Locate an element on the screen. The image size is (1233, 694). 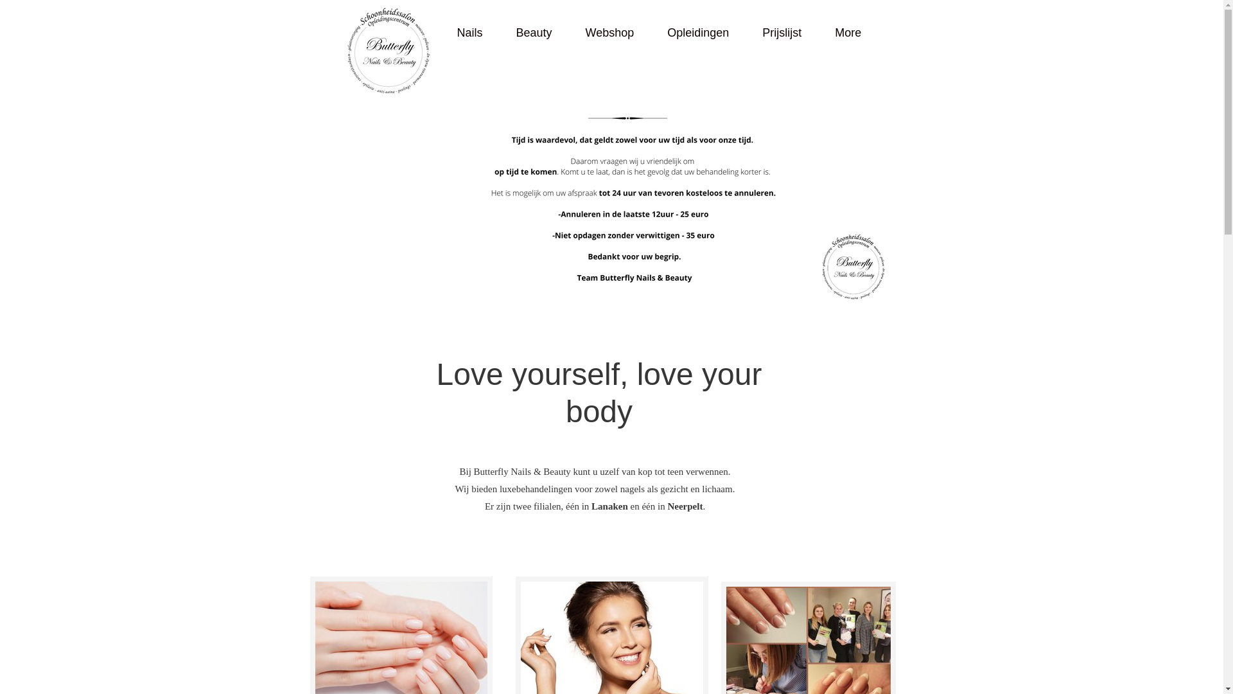
'Webshop' is located at coordinates (568, 31).